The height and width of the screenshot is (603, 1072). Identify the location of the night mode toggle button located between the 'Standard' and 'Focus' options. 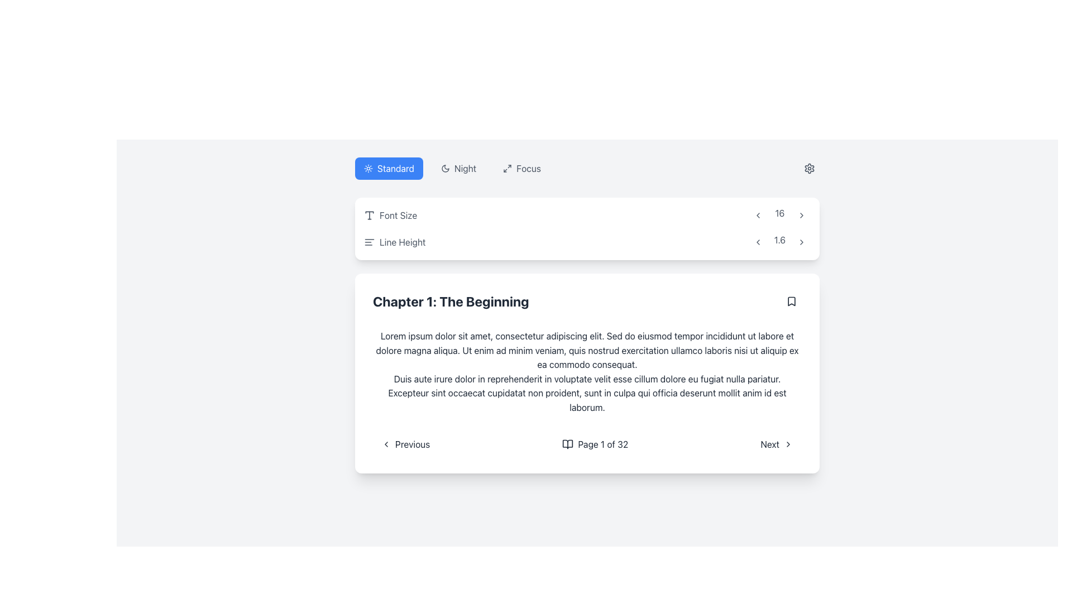
(458, 168).